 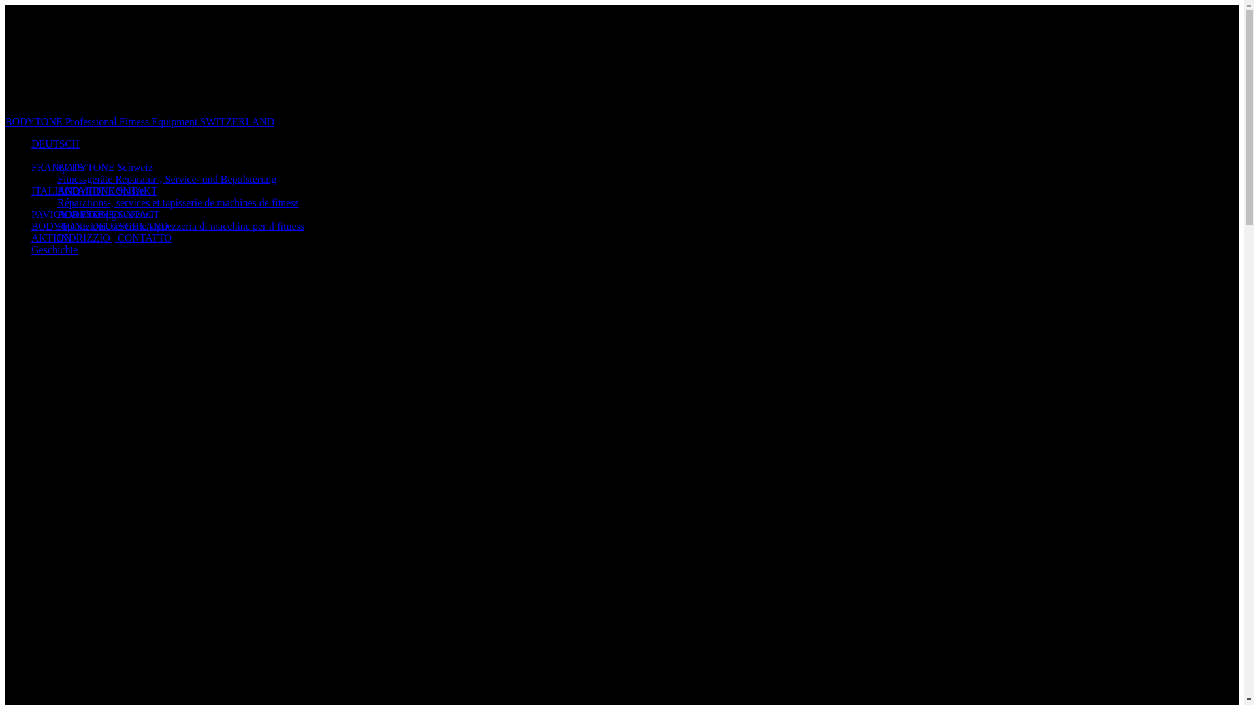 I want to click on 'DEUTSCH', so click(x=55, y=144).